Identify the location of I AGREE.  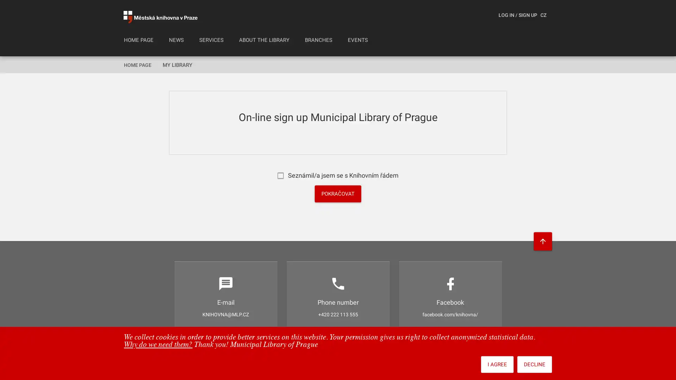
(496, 364).